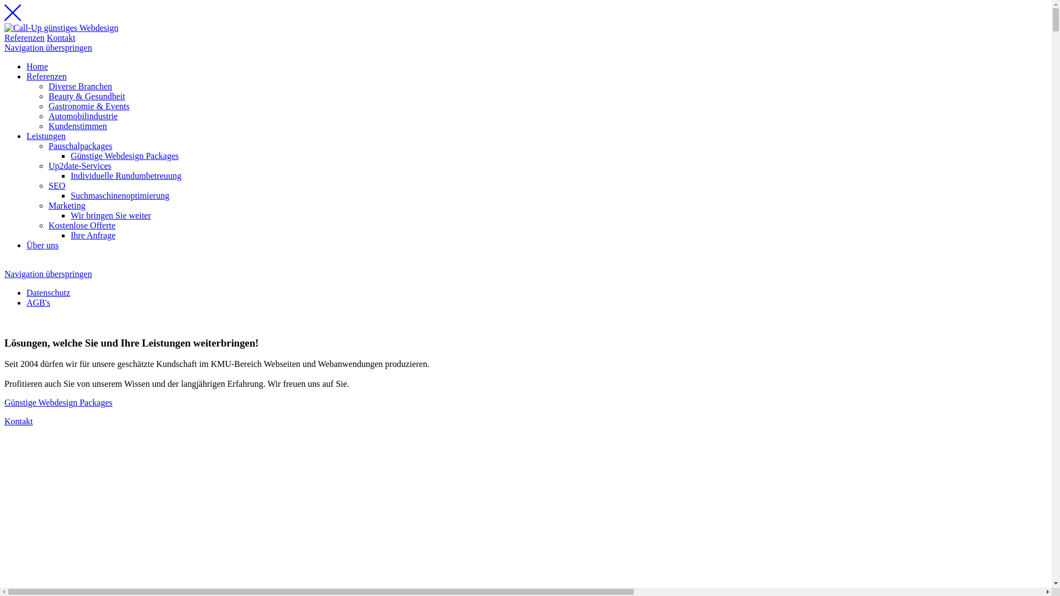 The width and height of the screenshot is (1060, 596). What do you see at coordinates (37, 66) in the screenshot?
I see `'Home'` at bounding box center [37, 66].